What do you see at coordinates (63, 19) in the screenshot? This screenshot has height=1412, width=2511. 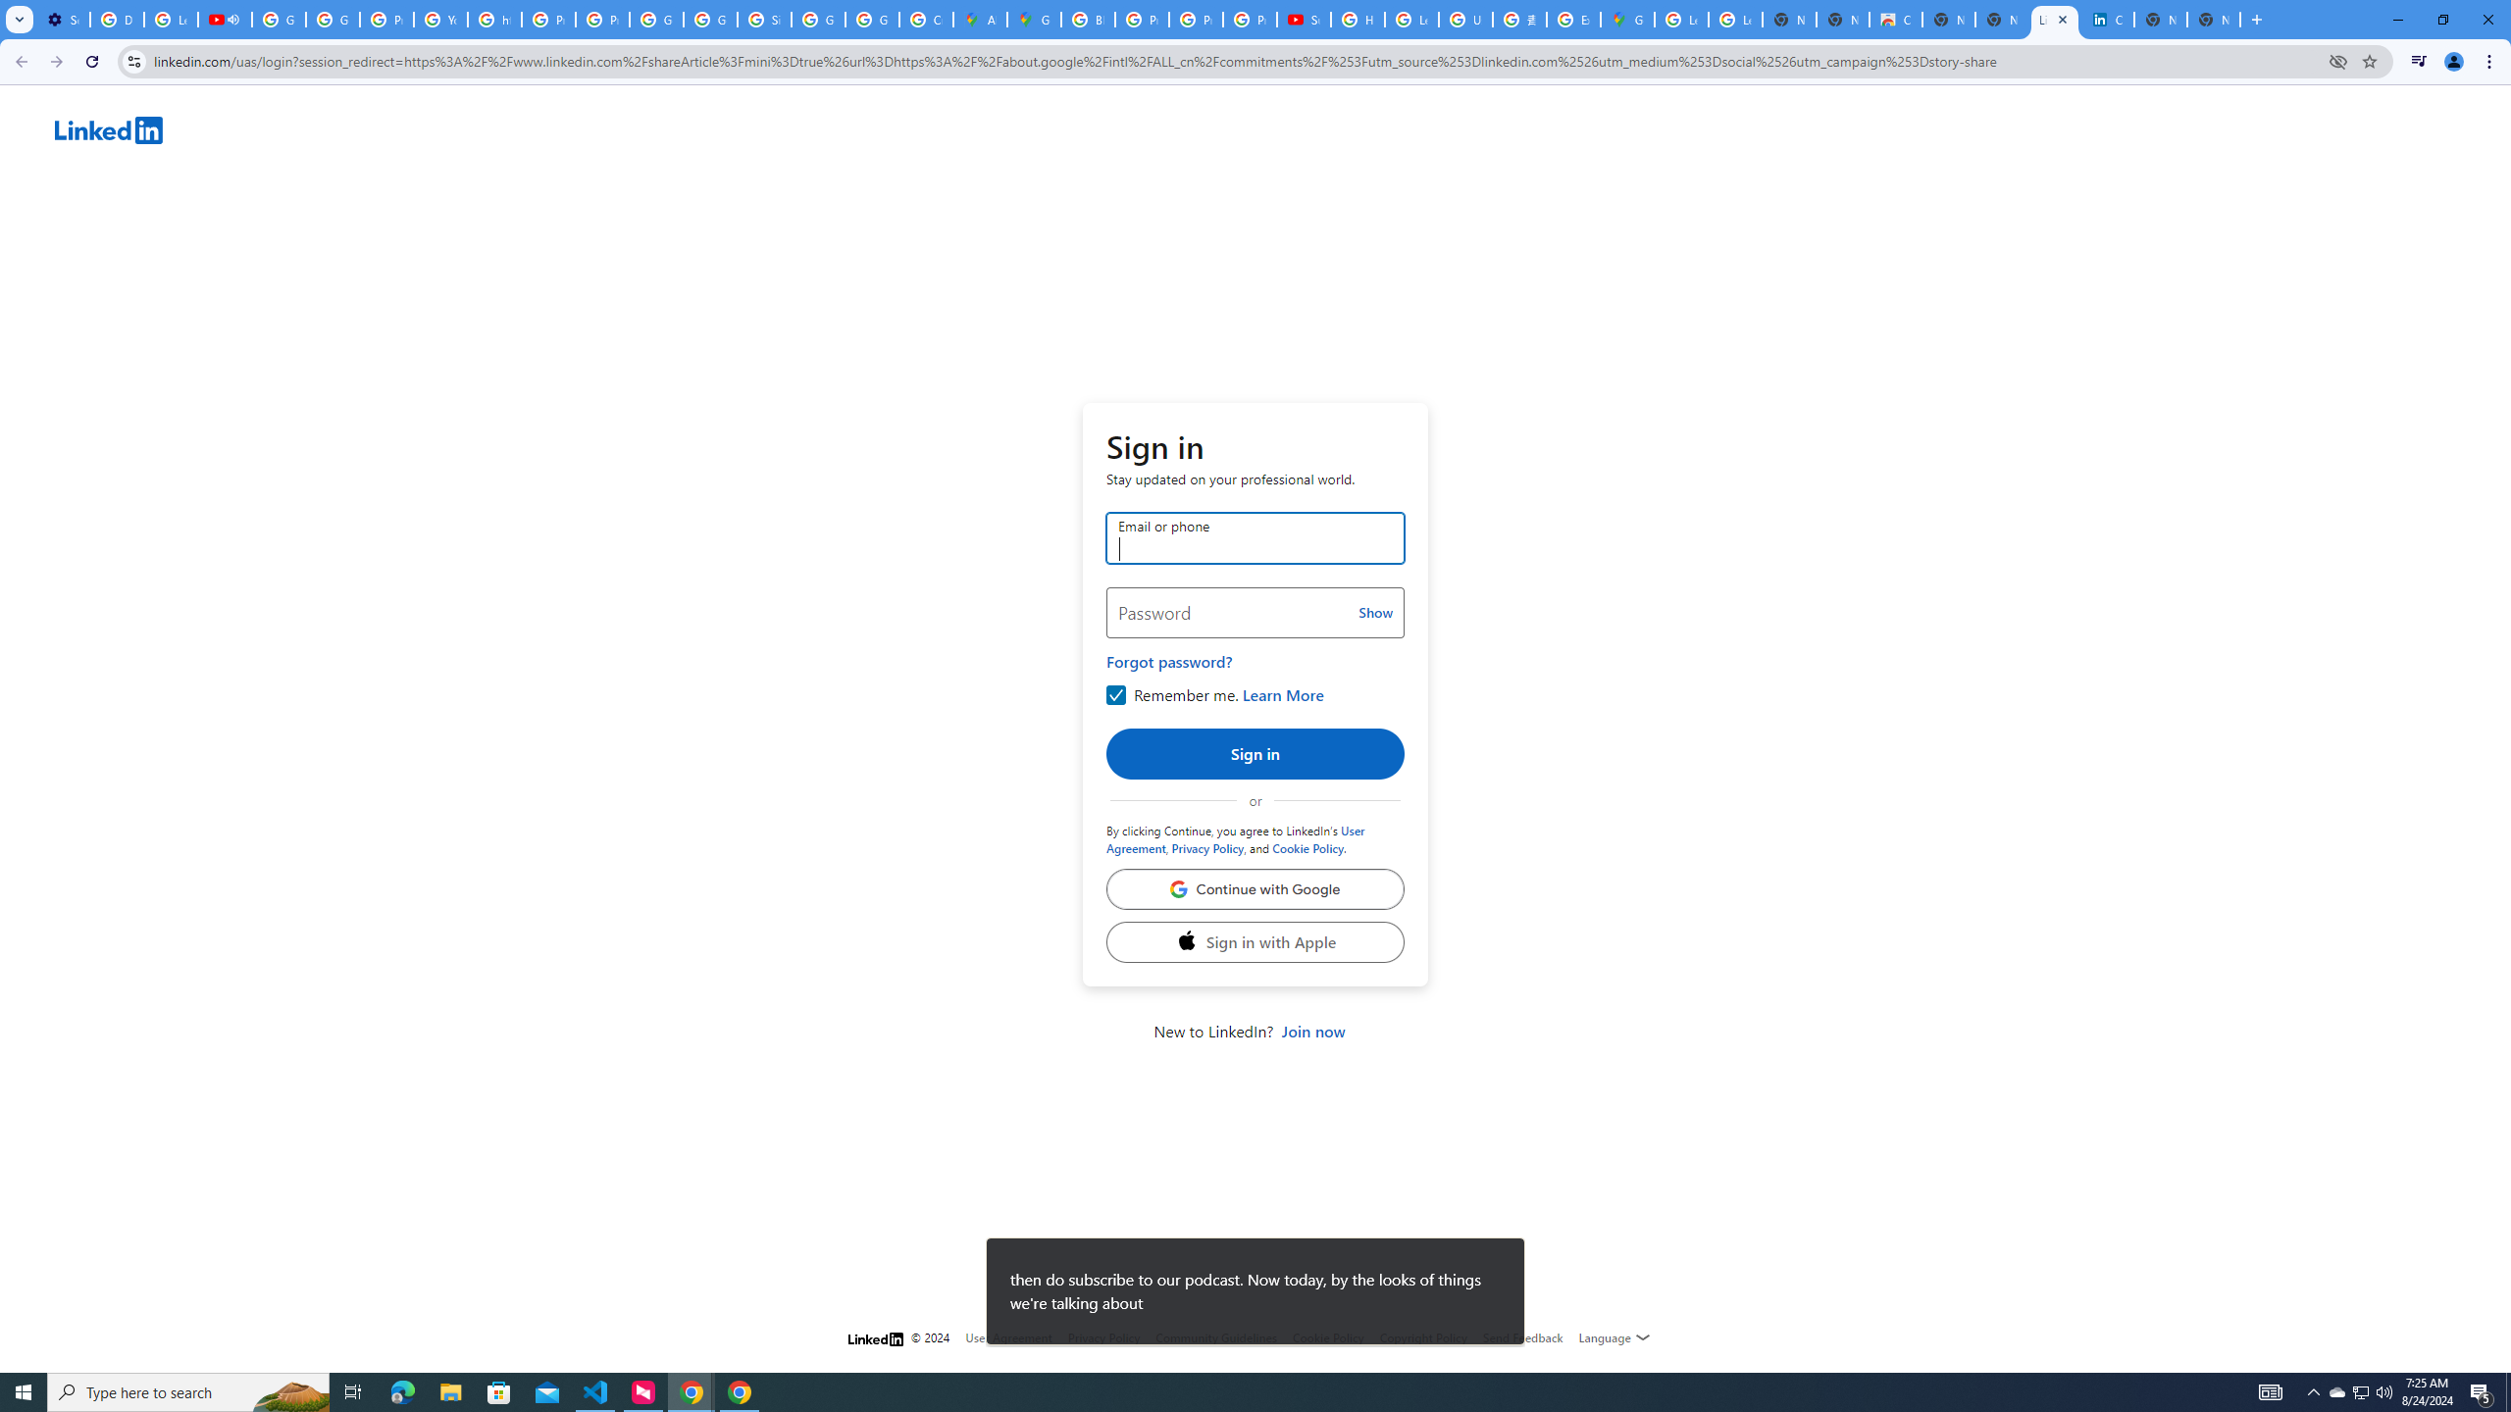 I see `'Settings - Customize profile'` at bounding box center [63, 19].